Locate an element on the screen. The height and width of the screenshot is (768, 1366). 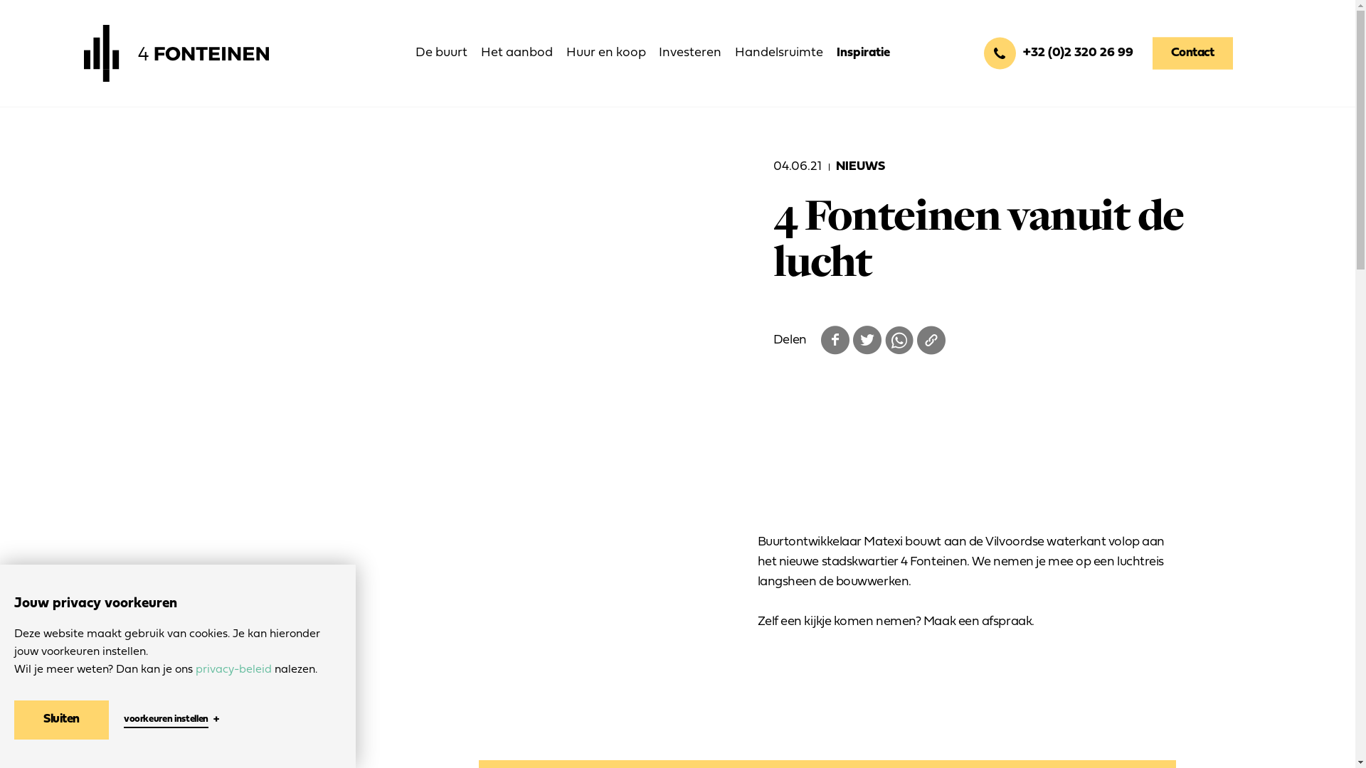
'+32 (0)2 320 26 99' is located at coordinates (1058, 53).